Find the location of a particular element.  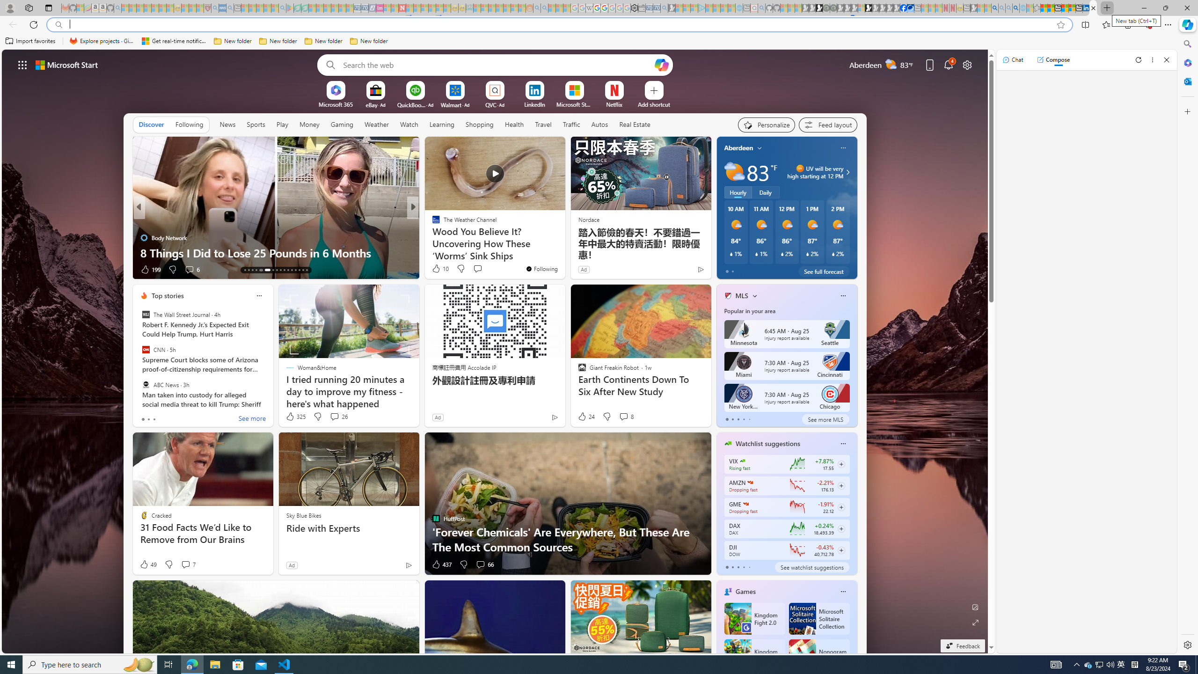

'Local - MSN - Sleeping' is located at coordinates (200, 7).